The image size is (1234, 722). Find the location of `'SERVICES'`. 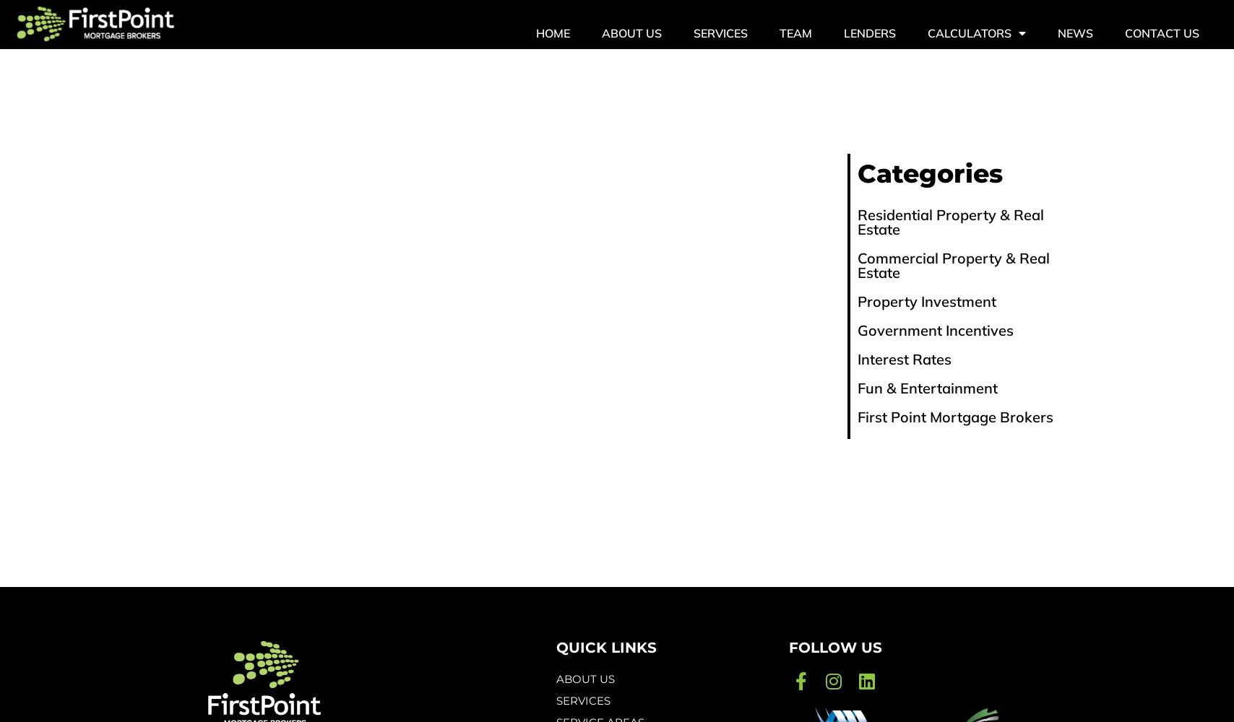

'SERVICES' is located at coordinates (583, 700).